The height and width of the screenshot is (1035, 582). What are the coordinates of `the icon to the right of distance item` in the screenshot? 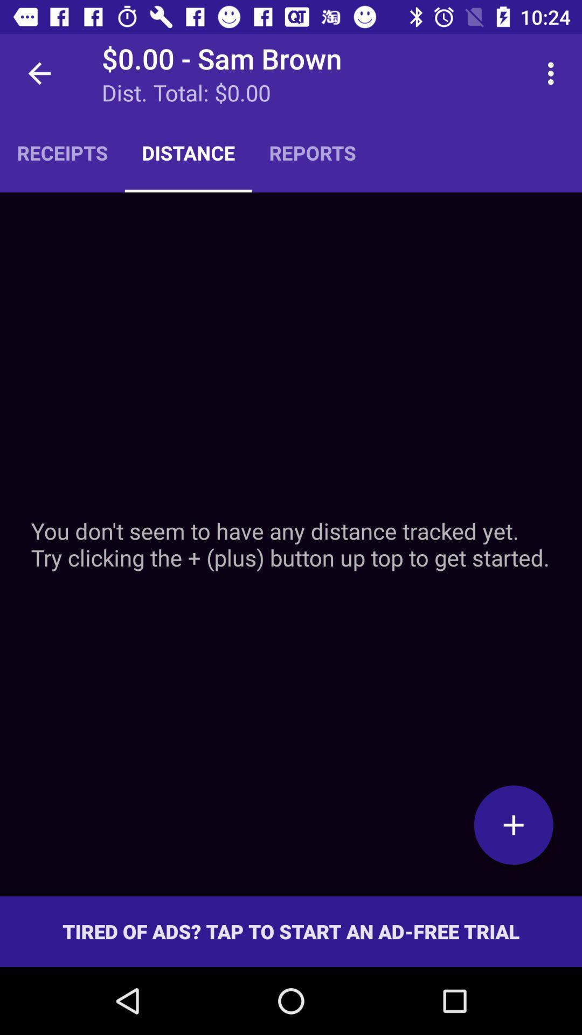 It's located at (313, 152).